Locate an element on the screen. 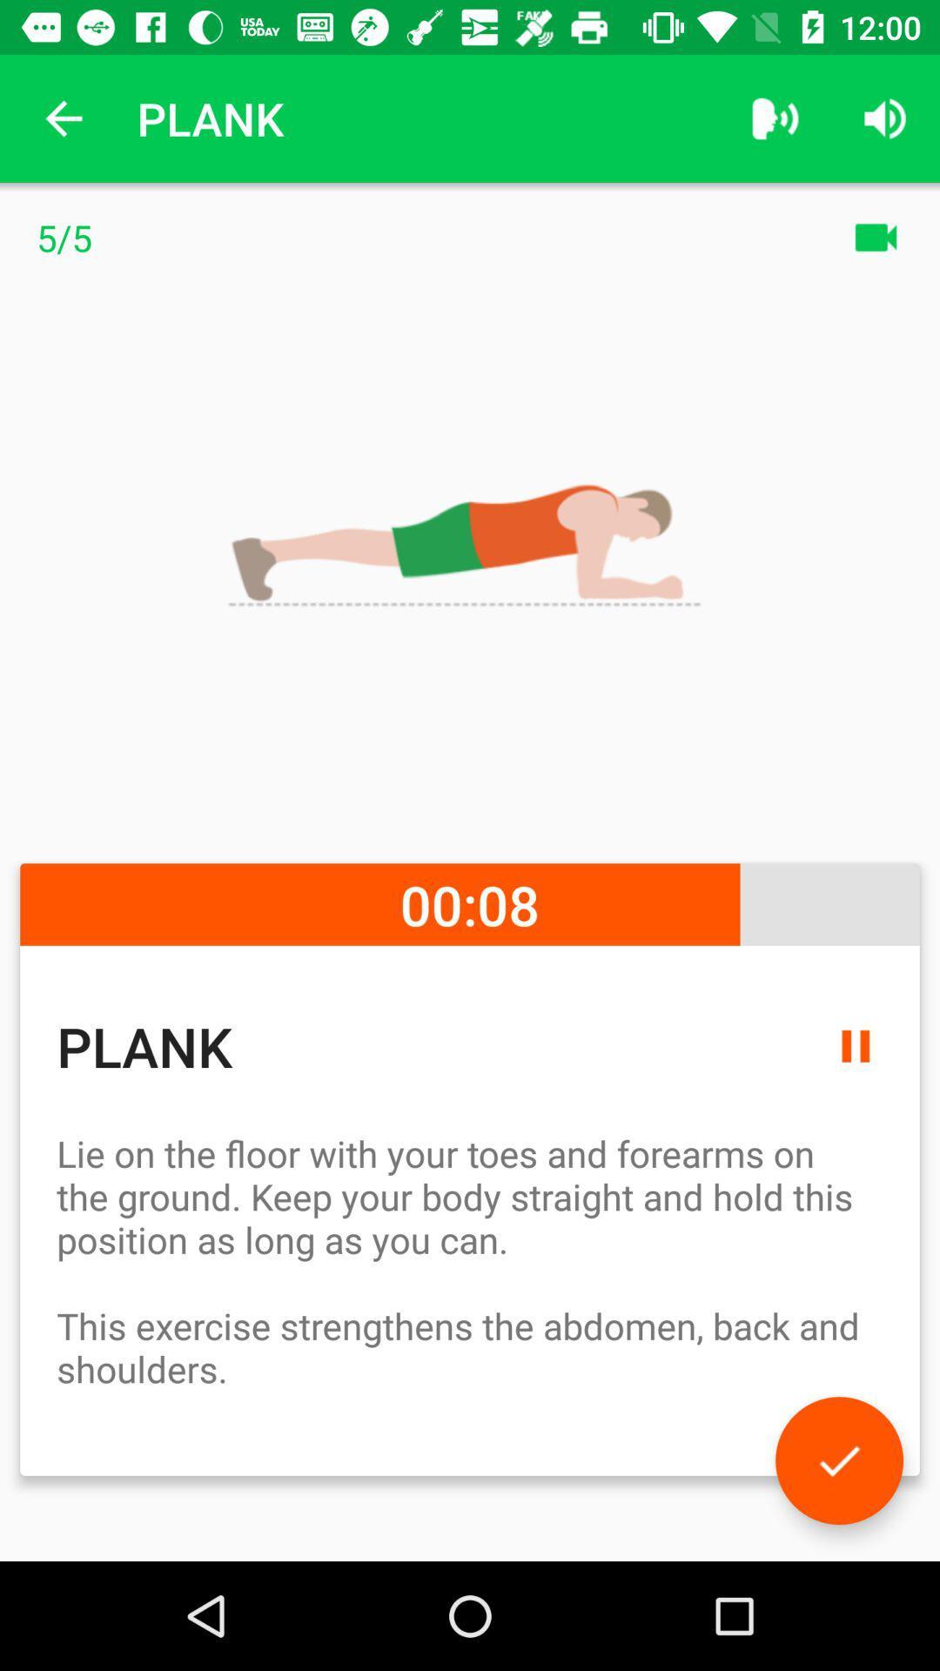 The image size is (940, 1671). pause button which is next to plank is located at coordinates (855, 1045).